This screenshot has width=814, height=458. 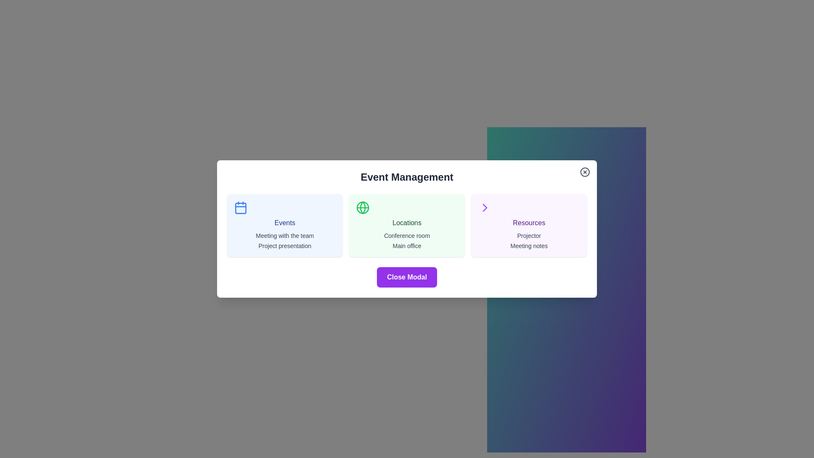 What do you see at coordinates (585, 172) in the screenshot?
I see `the circular close button in the top-right corner of the 'Event Management' modal` at bounding box center [585, 172].